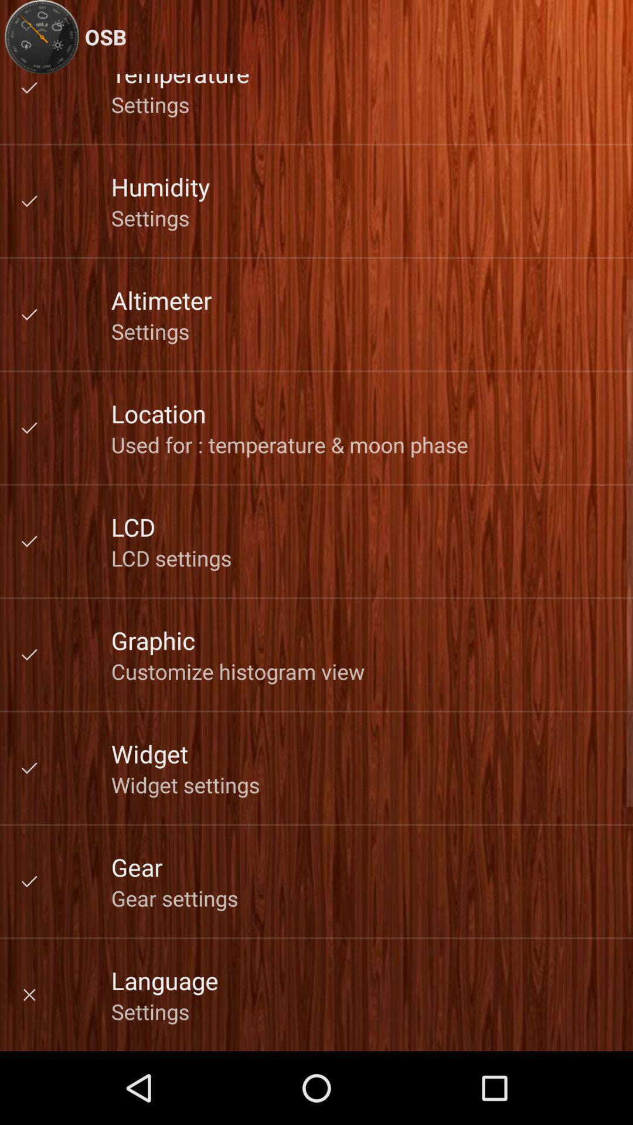 Image resolution: width=633 pixels, height=1125 pixels. Describe the element at coordinates (158, 413) in the screenshot. I see `item above the used for temperature app` at that location.